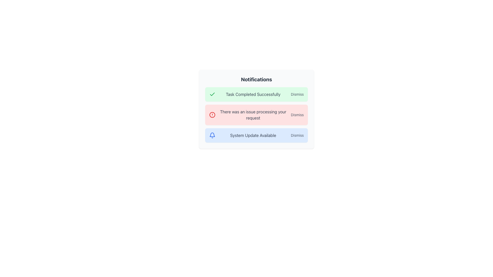  What do you see at coordinates (297, 135) in the screenshot?
I see `the 'Dismiss' button, which is styled with a small gray font and changes color on hover, located at the far right end of the blue notification bar indicating a system update` at bounding box center [297, 135].